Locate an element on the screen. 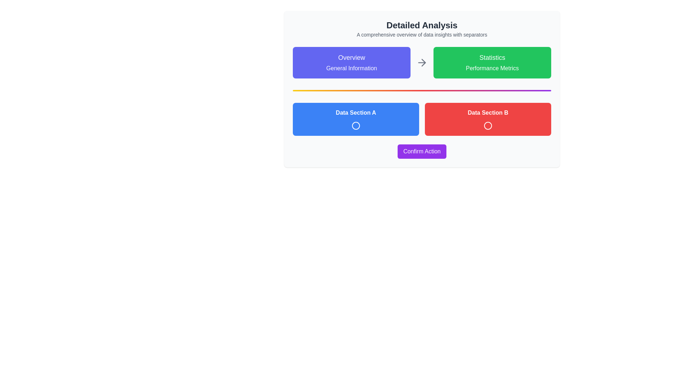 The height and width of the screenshot is (387, 689). the triangular arrowhead part of the right-arrow icon, which is positioned between the 'Overview' and 'Statistics' sections at the top of the interface is located at coordinates (423, 62).